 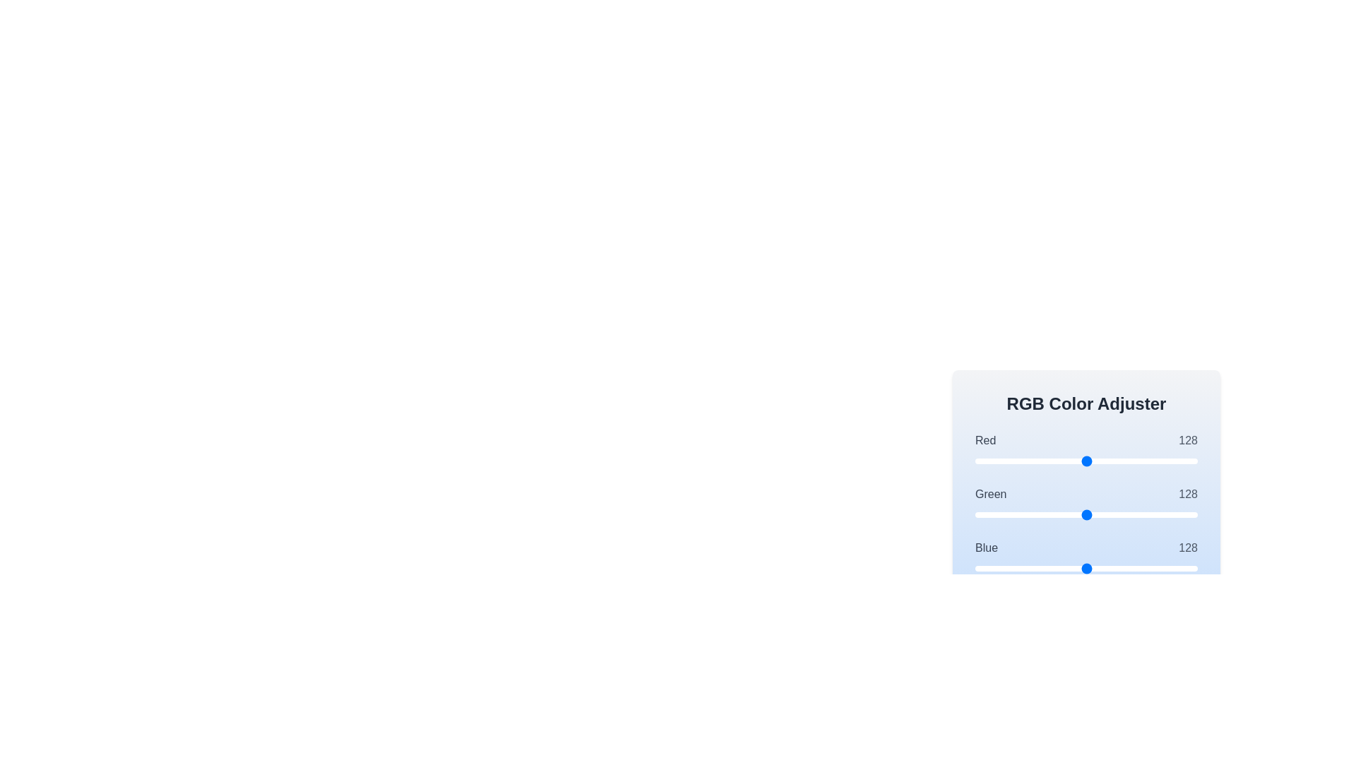 What do you see at coordinates (1013, 461) in the screenshot?
I see `the red slider to 45 by dragging or clicking on the slider` at bounding box center [1013, 461].